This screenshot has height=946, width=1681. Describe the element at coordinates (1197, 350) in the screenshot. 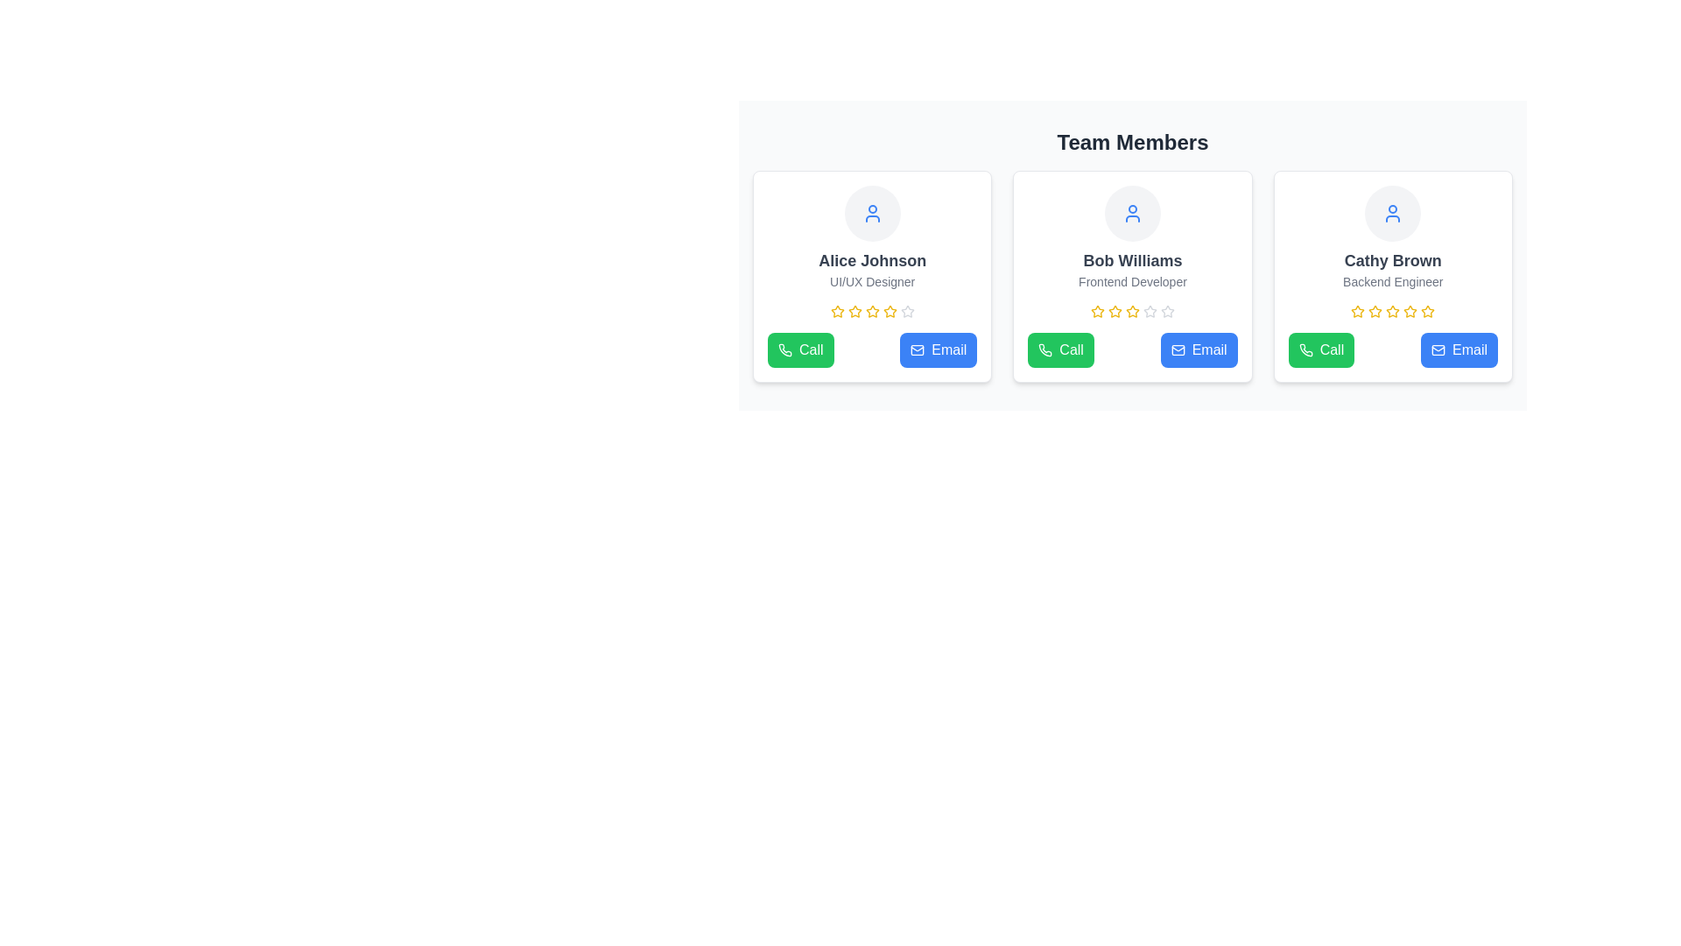

I see `the blue rectangular button labeled 'Email' with an envelope icon to the left to initiate an email action` at that location.